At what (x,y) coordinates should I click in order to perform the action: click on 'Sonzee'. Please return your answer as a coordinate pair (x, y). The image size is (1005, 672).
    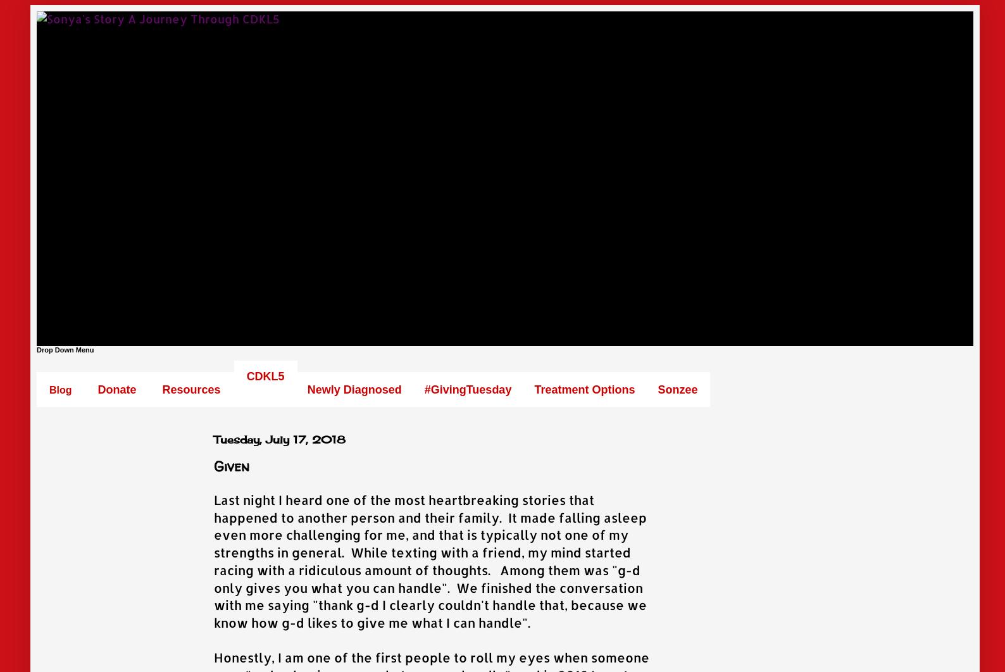
    Looking at the image, I should click on (658, 389).